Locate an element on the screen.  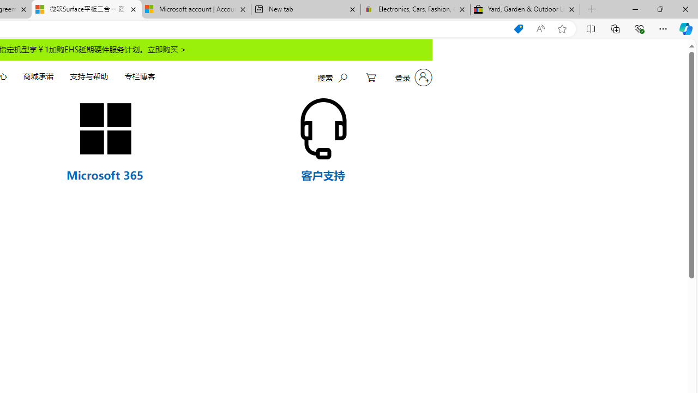
'New Tab' is located at coordinates (592, 9).